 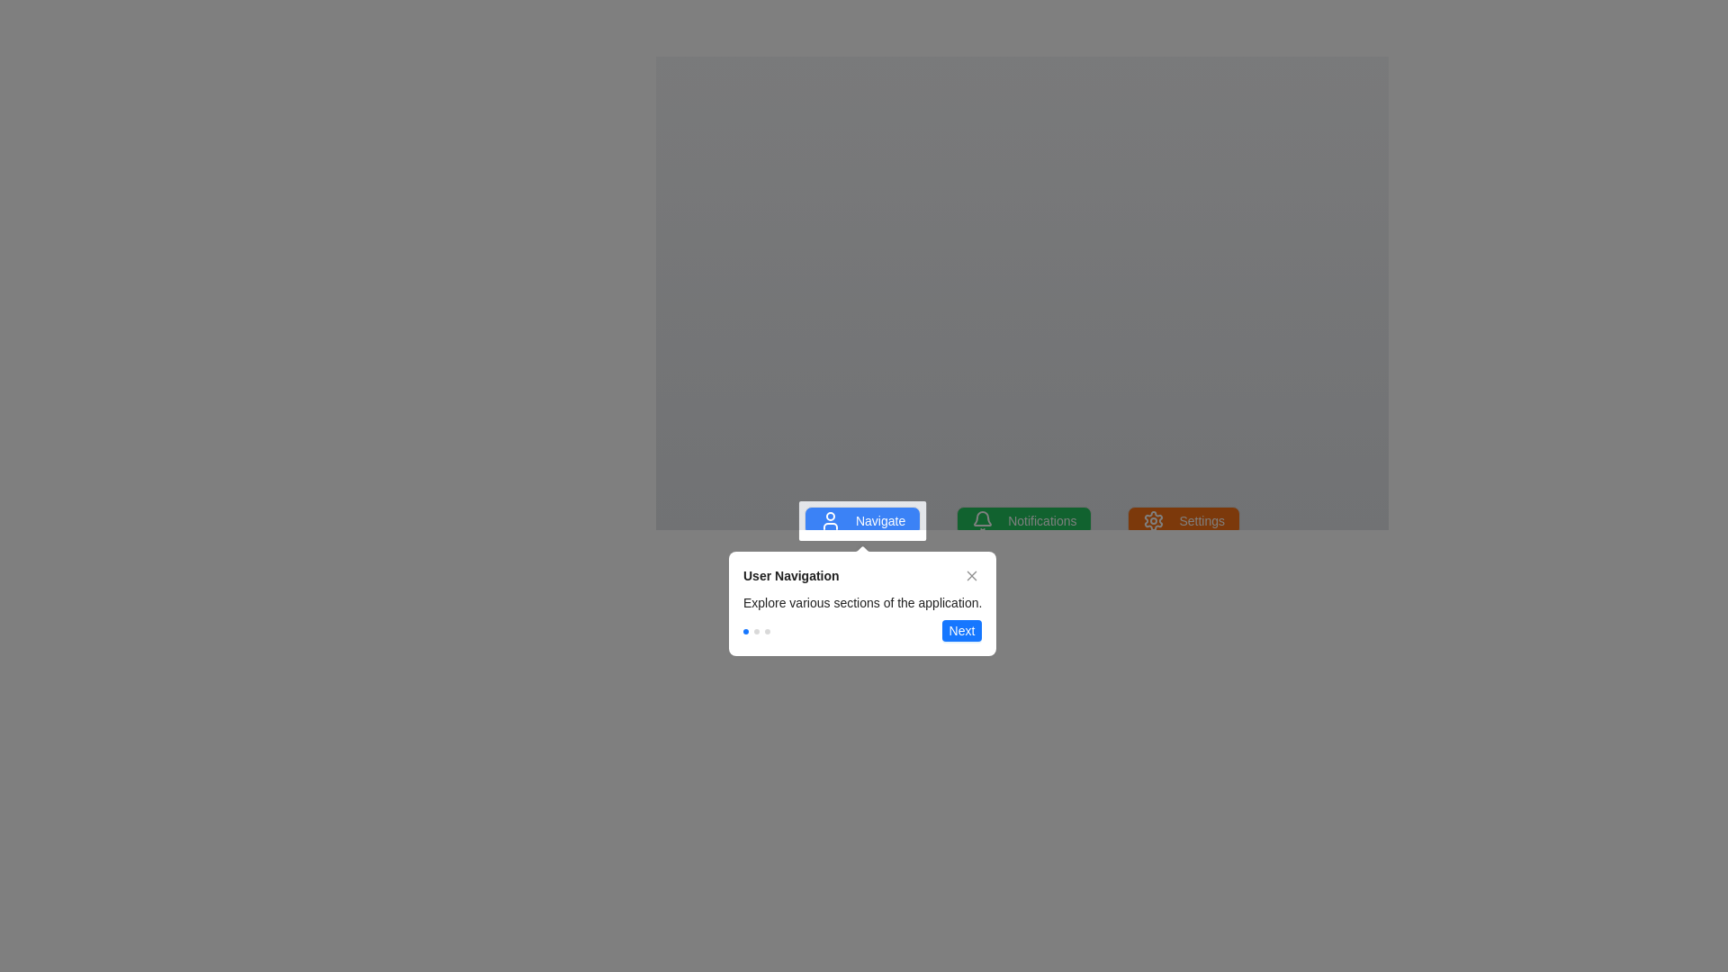 I want to click on the 'Navigate' button which has a blue background and white text, positioned near the center-bottom of the interface, so click(x=880, y=520).